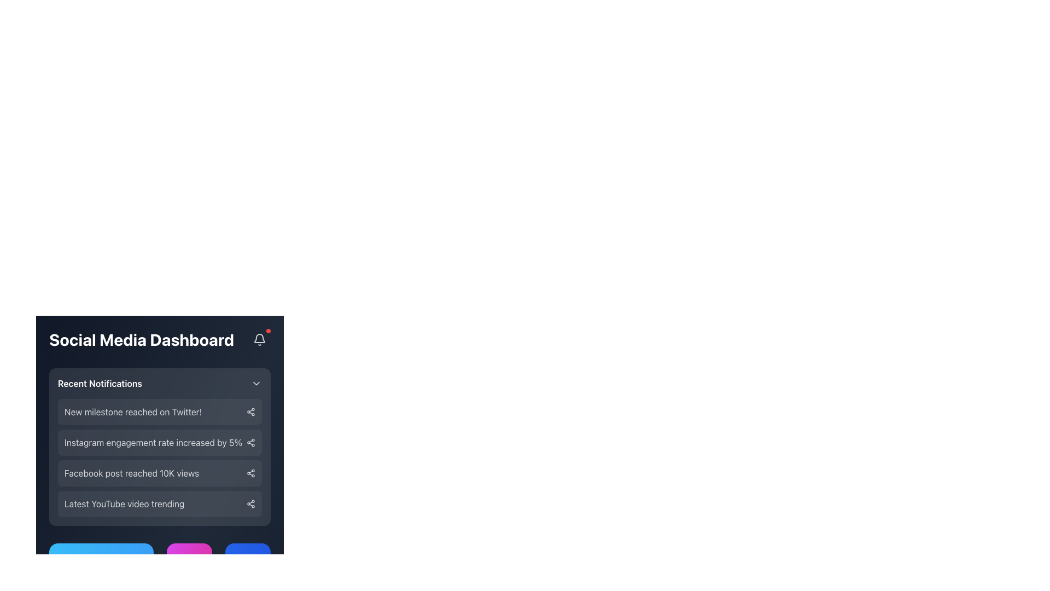 The image size is (1050, 591). Describe the element at coordinates (159, 458) in the screenshot. I see `the second notification item in the 'Recent Notifications' panel` at that location.